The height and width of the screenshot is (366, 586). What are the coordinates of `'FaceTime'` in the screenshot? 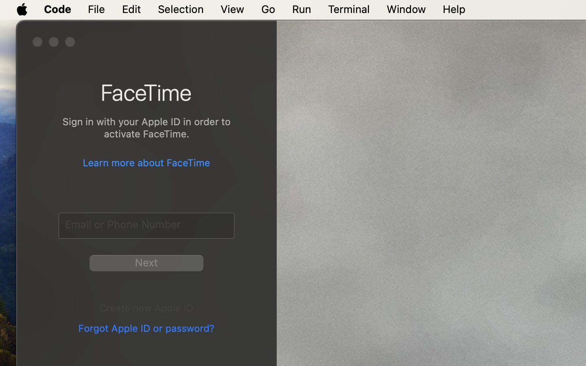 It's located at (146, 91).